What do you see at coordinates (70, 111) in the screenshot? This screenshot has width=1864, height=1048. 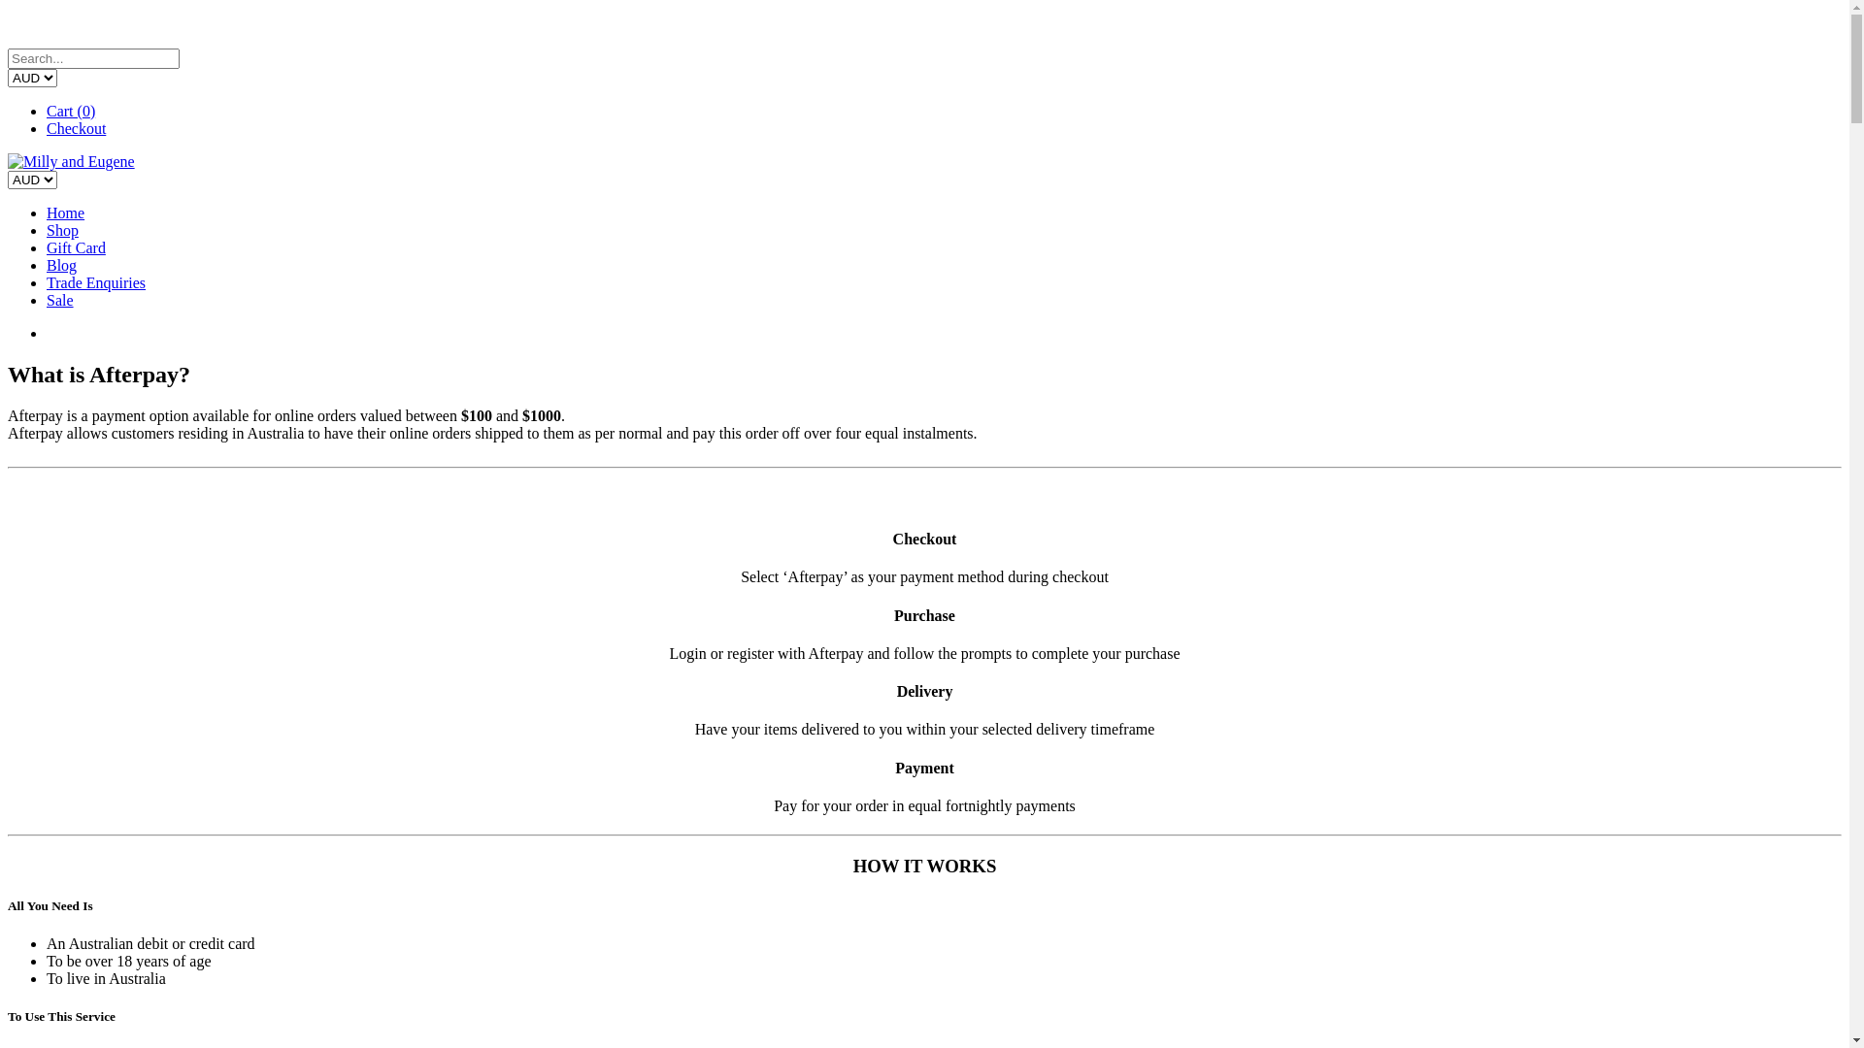 I see `'Cart (0)'` at bounding box center [70, 111].